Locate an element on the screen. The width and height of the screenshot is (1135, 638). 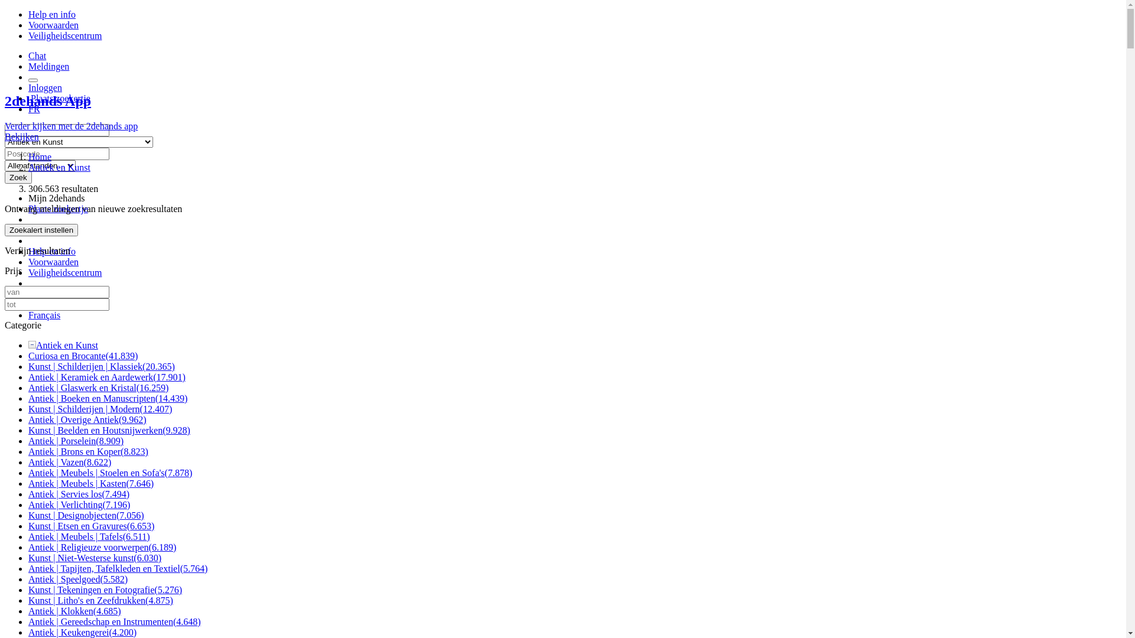
'Antiek | Tapijten, Tafelkleden en Textiel(5.764)' is located at coordinates (118, 568).